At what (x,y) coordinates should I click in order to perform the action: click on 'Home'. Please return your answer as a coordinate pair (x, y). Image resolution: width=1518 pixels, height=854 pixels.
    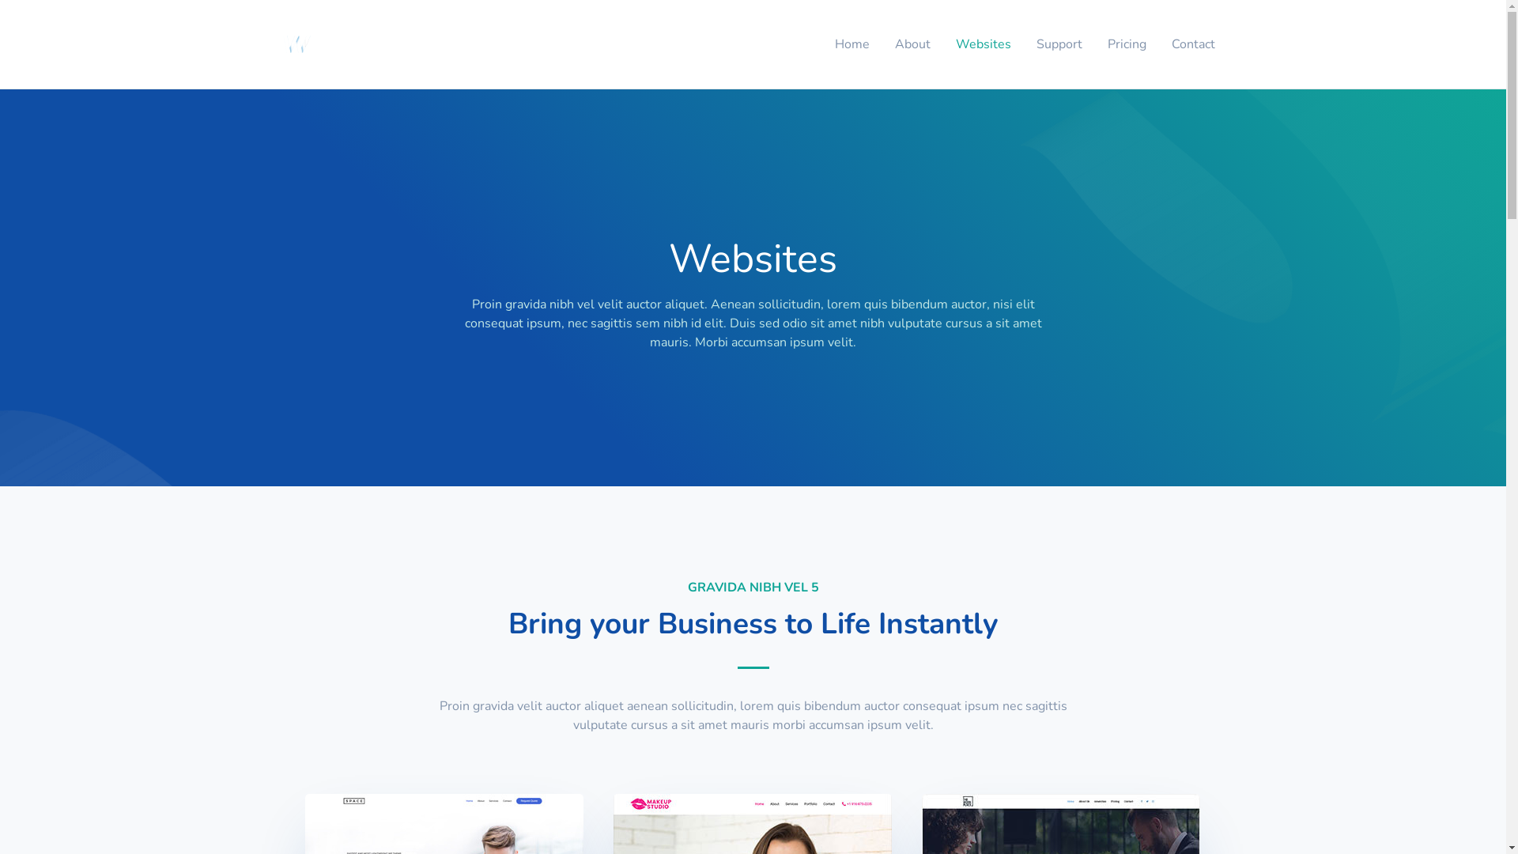
    Looking at the image, I should click on (852, 43).